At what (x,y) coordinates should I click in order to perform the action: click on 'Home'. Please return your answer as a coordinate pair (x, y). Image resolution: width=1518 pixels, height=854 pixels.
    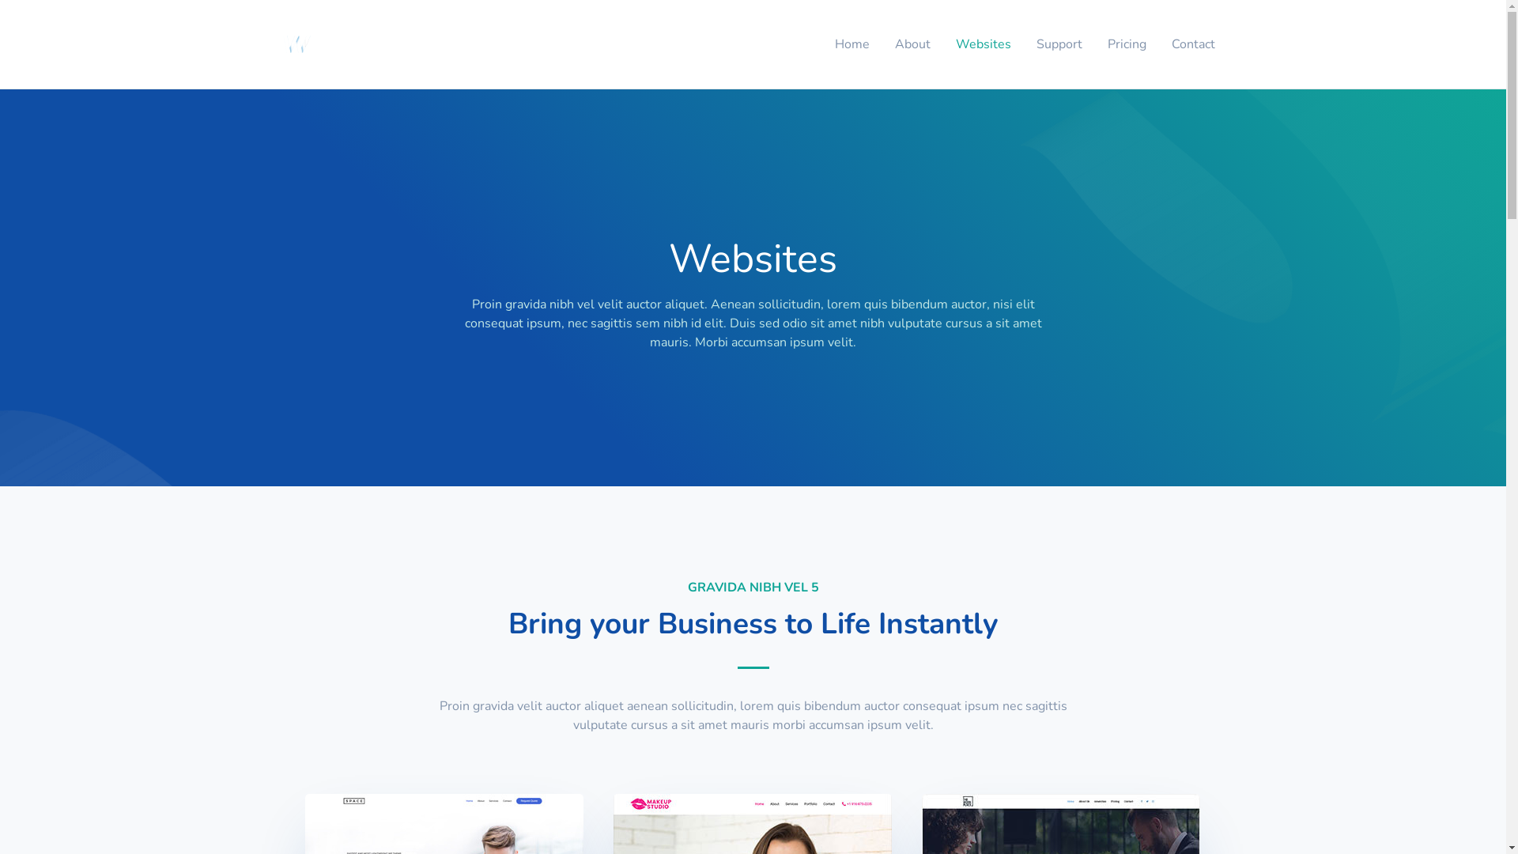
    Looking at the image, I should click on (852, 43).